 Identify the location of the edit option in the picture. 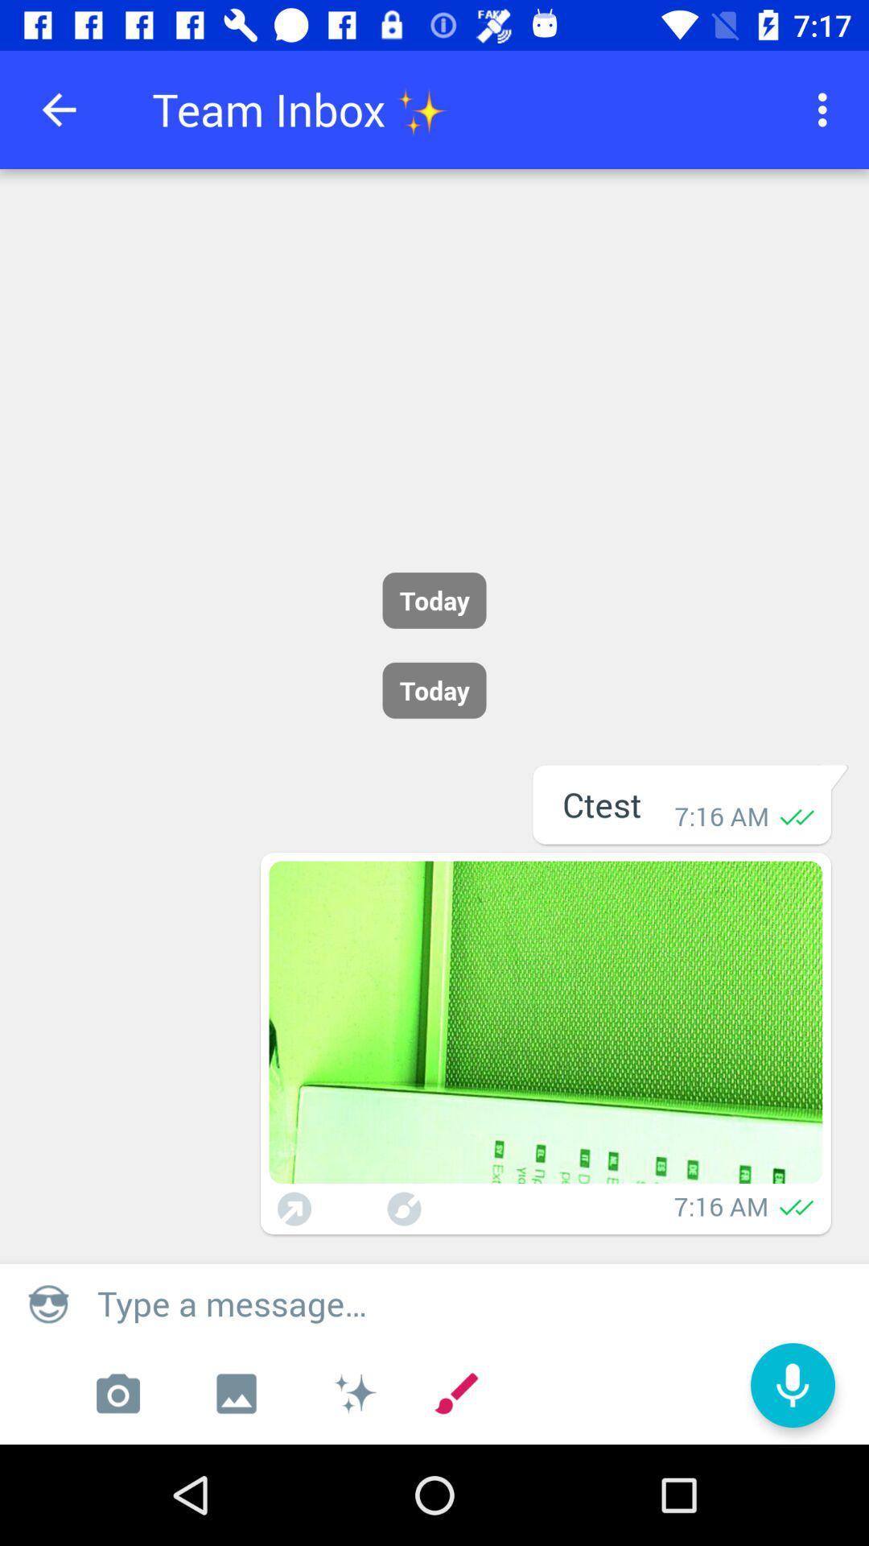
(403, 1209).